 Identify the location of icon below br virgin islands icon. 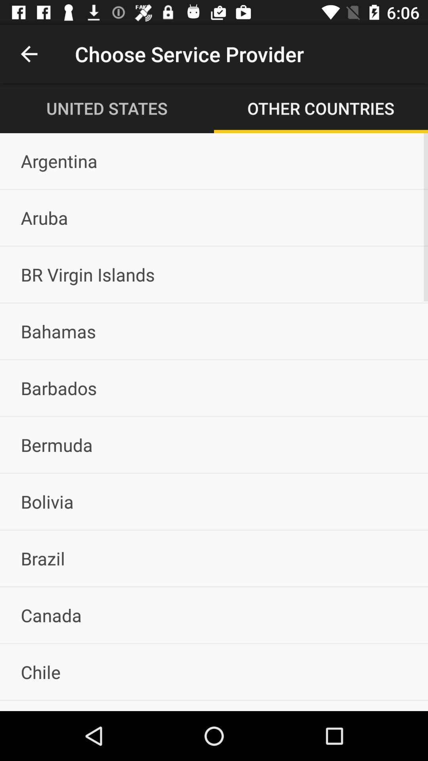
(214, 331).